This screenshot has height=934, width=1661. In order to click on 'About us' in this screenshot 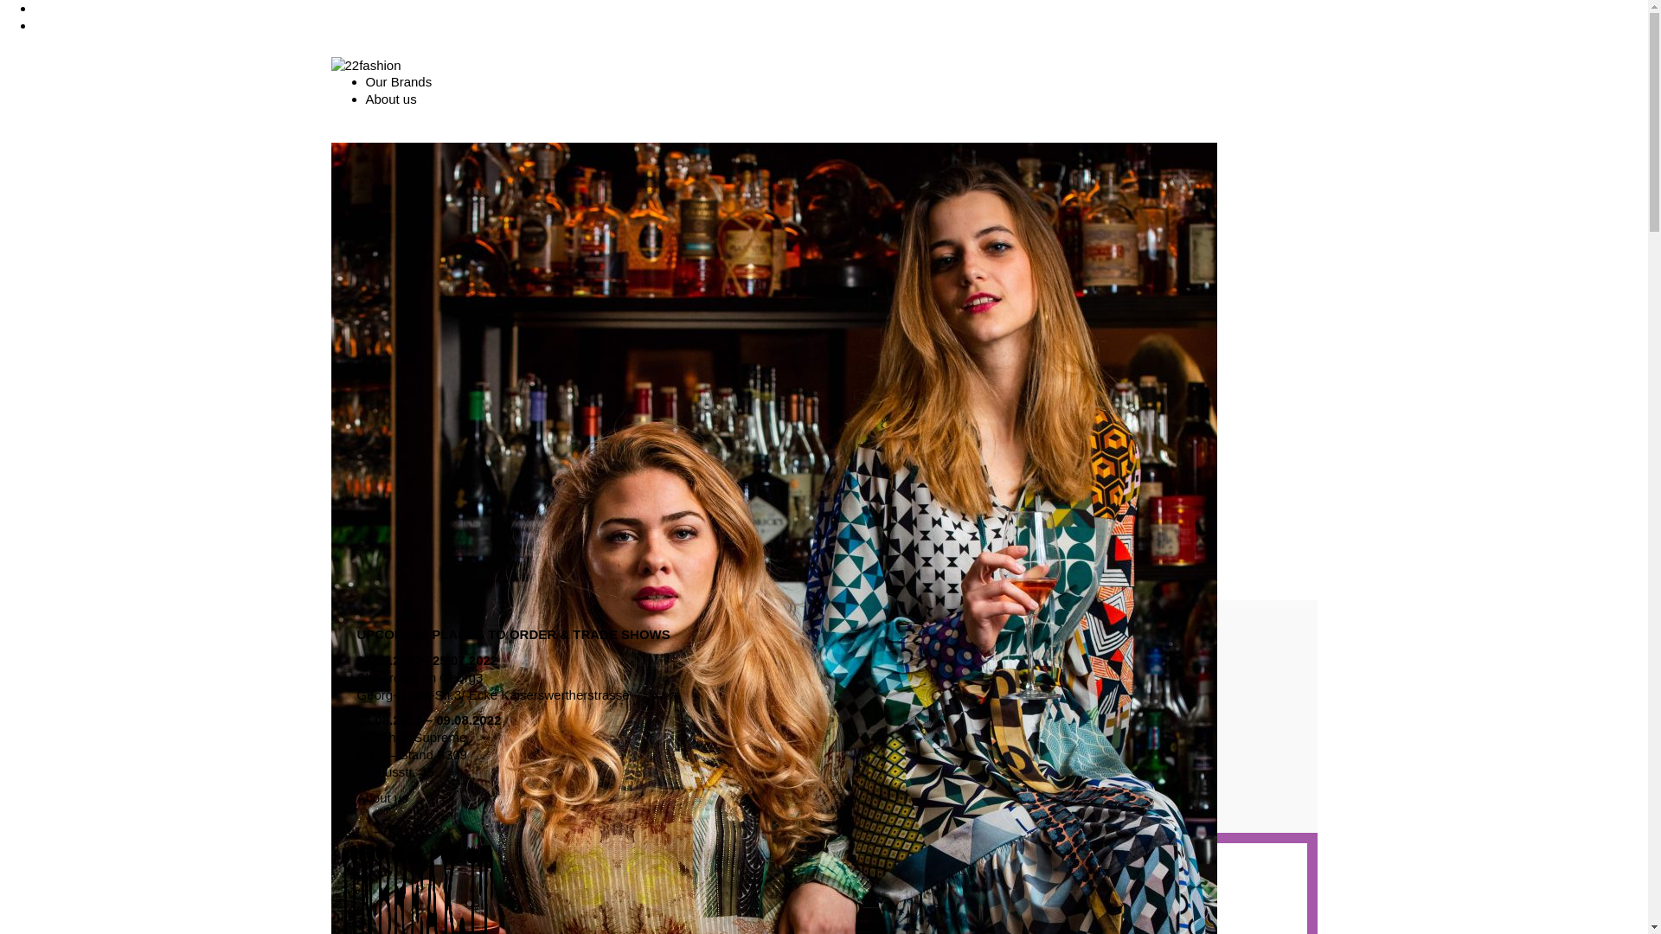, I will do `click(389, 99)`.